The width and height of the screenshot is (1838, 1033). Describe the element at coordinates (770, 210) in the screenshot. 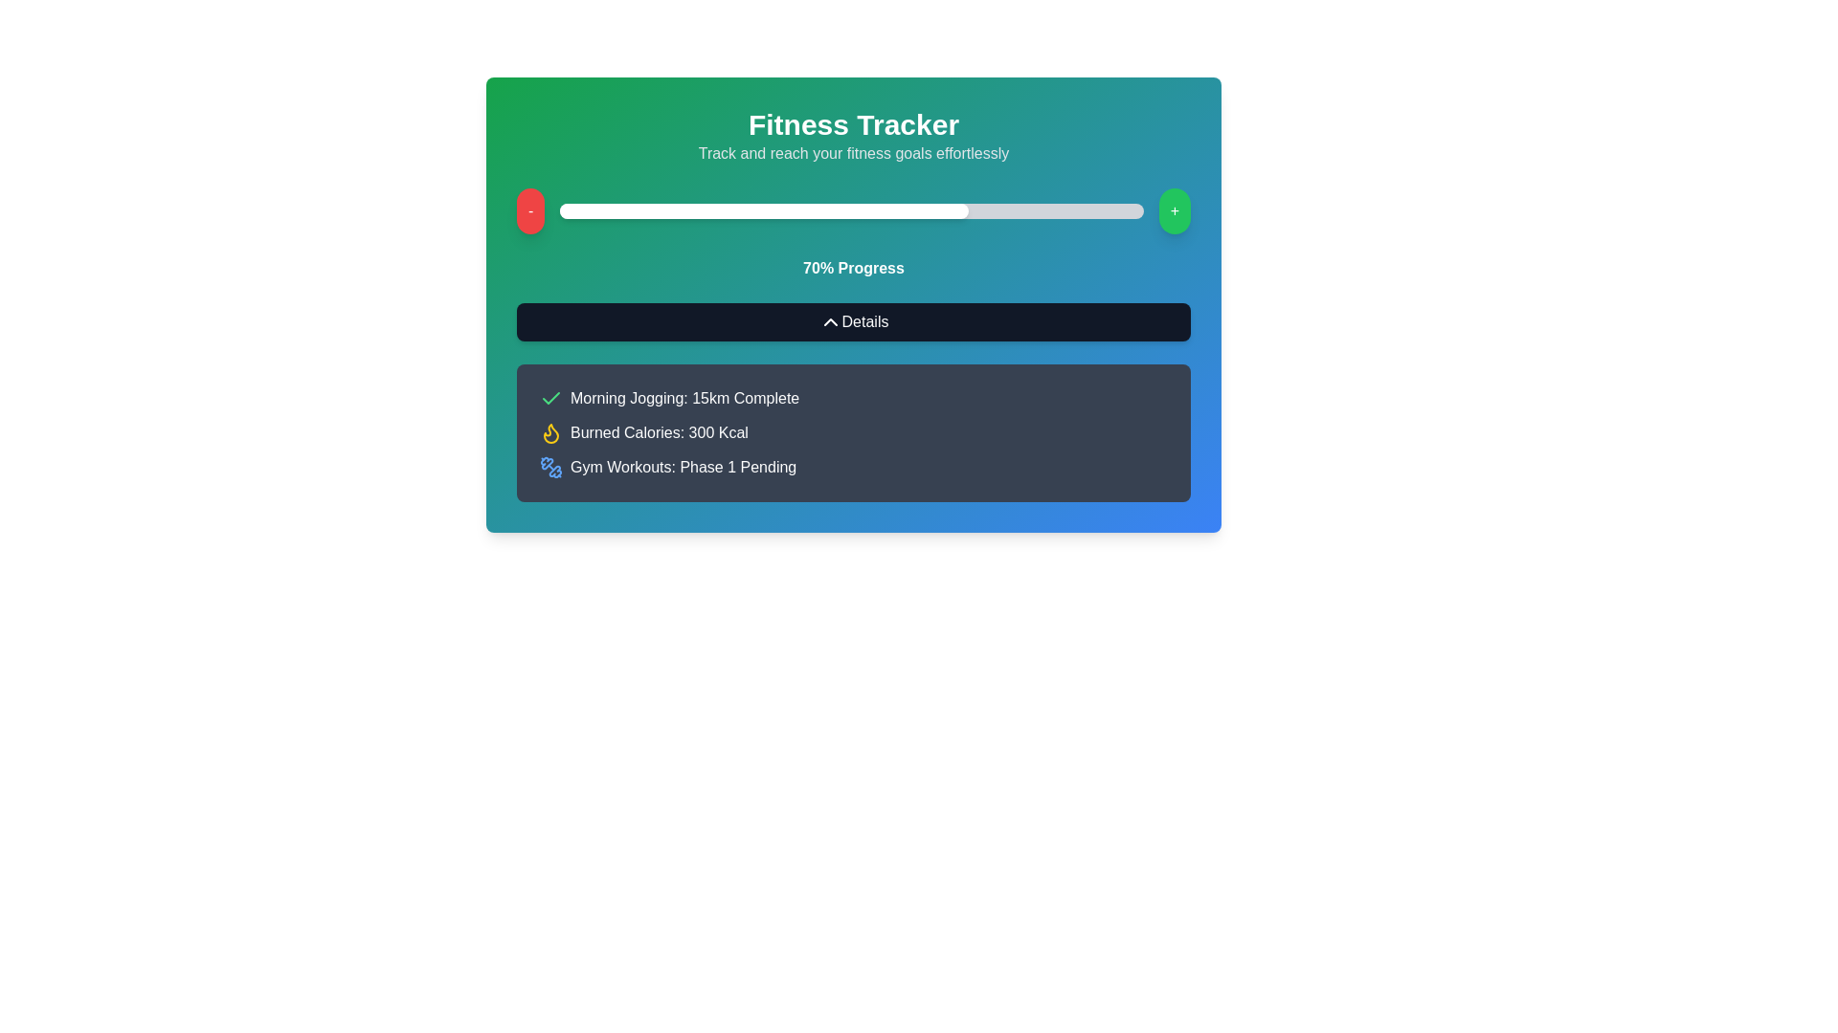

I see `progress` at that location.